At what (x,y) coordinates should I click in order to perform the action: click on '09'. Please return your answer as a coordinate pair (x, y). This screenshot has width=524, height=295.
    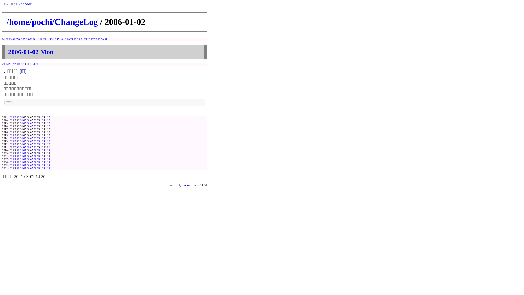
    Looking at the image, I should click on (38, 165).